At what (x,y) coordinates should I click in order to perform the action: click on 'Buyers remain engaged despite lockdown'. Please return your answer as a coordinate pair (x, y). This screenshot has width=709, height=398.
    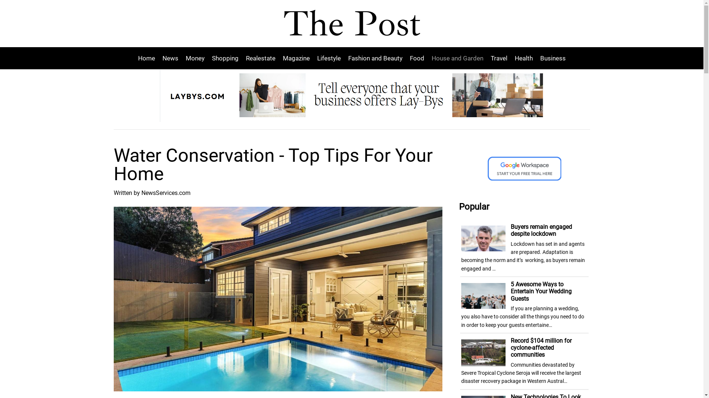
    Looking at the image, I should click on (541, 230).